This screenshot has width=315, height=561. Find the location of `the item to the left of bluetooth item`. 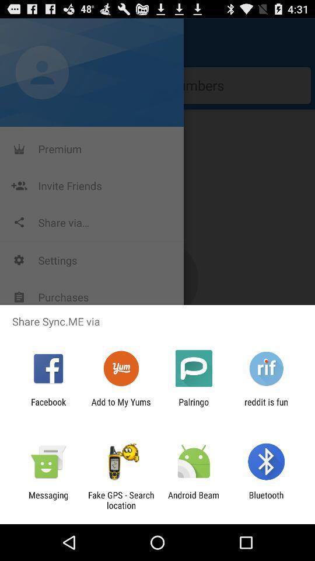

the item to the left of bluetooth item is located at coordinates (194, 500).